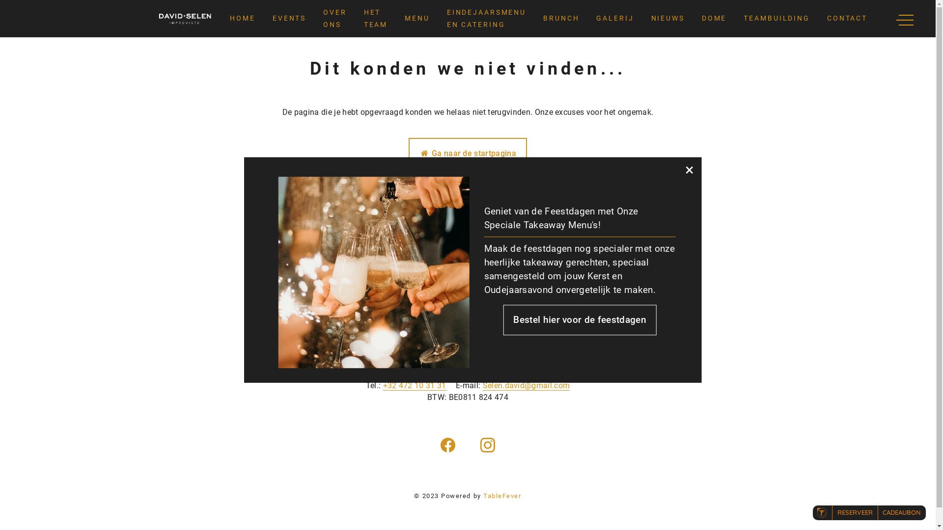 The width and height of the screenshot is (943, 530). What do you see at coordinates (526, 385) in the screenshot?
I see `'Selen.david@gmail.com'` at bounding box center [526, 385].